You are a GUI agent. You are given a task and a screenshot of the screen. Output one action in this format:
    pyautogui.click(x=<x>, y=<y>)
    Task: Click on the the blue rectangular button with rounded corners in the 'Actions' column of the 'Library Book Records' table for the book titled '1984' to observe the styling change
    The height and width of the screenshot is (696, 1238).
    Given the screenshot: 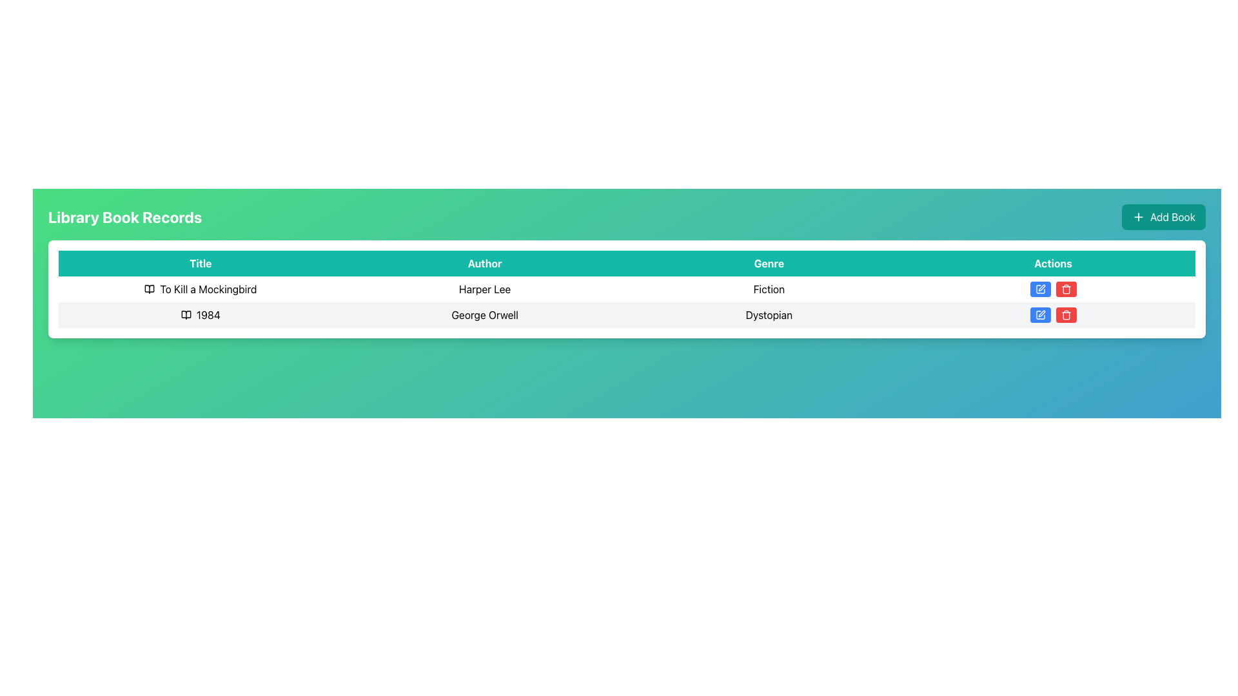 What is the action you would take?
    pyautogui.click(x=1040, y=315)
    